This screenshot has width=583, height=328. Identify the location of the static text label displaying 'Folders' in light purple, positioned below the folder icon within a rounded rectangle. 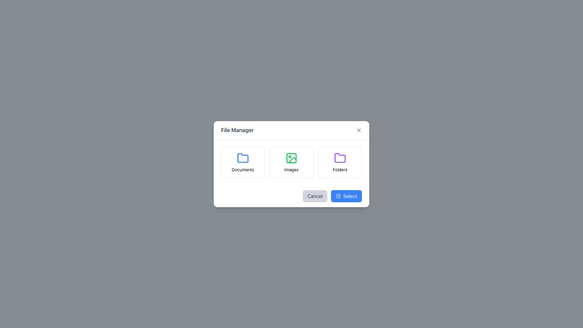
(339, 169).